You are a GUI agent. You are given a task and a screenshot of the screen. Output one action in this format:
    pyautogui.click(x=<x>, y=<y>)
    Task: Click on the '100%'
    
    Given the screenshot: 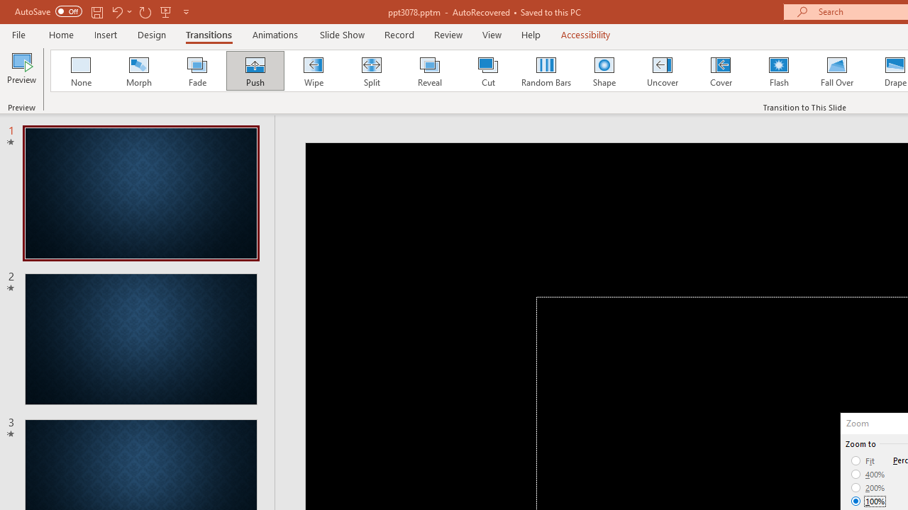 What is the action you would take?
    pyautogui.click(x=868, y=500)
    